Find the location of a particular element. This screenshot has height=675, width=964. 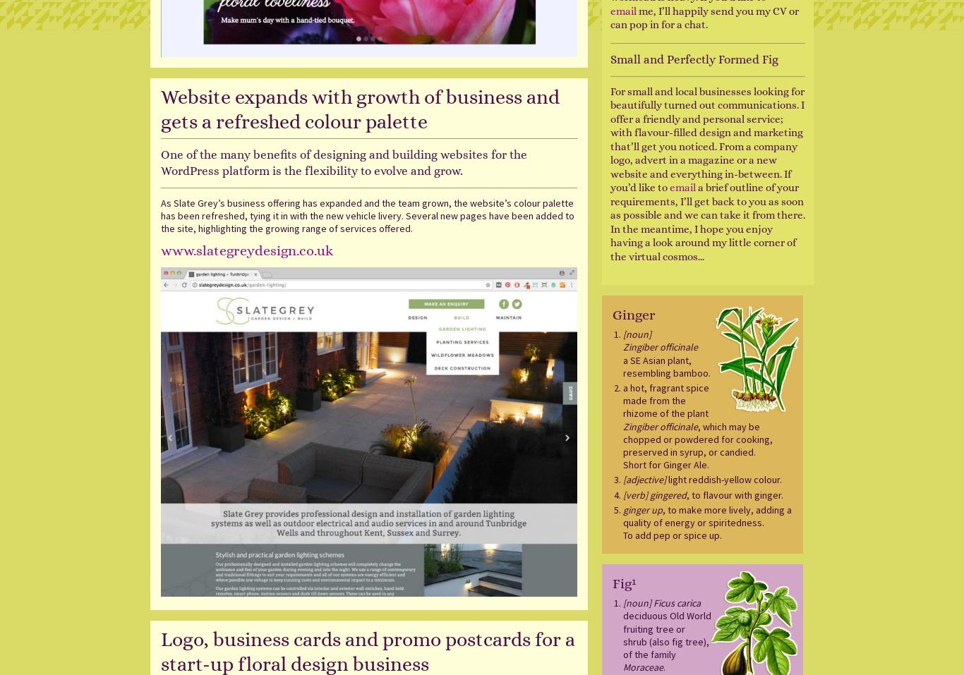

'Ginger' is located at coordinates (632, 314).